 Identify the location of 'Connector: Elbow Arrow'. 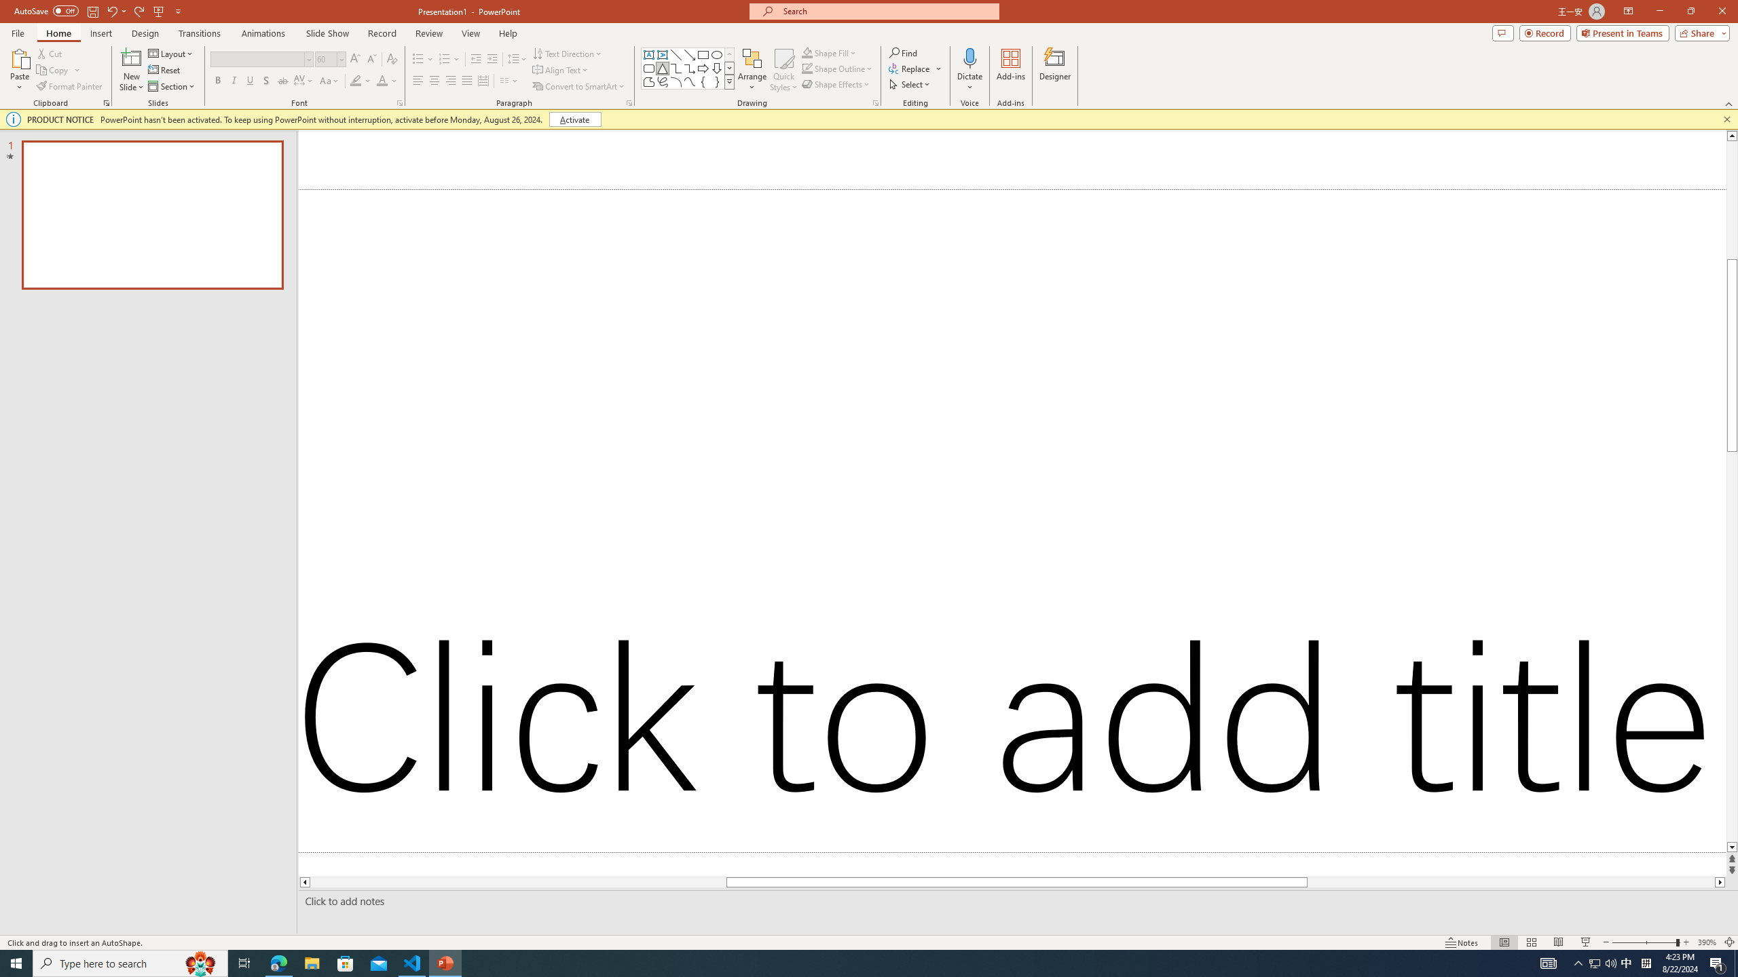
(689, 67).